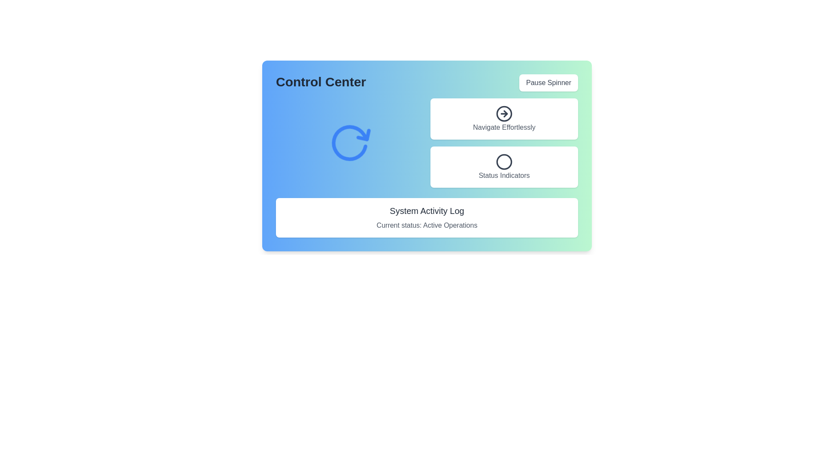 This screenshot has width=824, height=464. What do you see at coordinates (504, 128) in the screenshot?
I see `text from the label that says 'Navigate Effortlessly', which is styled in gray and positioned centrally within a white background under the navigation icon` at bounding box center [504, 128].